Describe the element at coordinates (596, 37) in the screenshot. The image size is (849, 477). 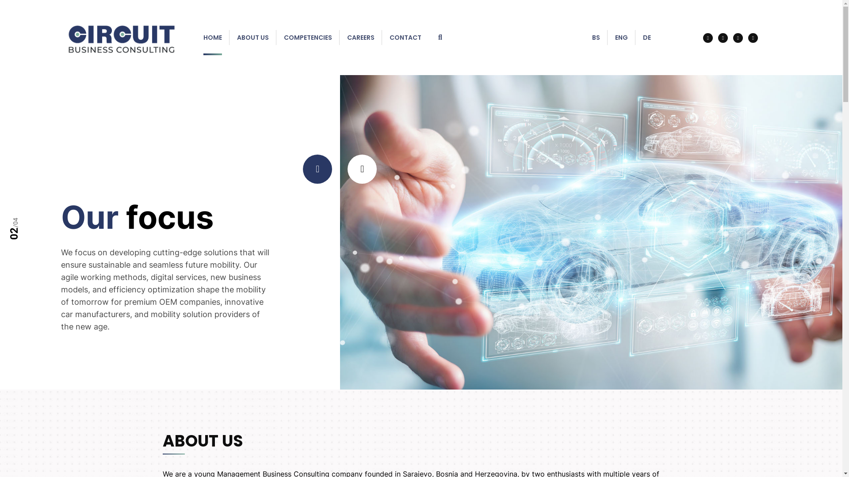
I see `'BS'` at that location.